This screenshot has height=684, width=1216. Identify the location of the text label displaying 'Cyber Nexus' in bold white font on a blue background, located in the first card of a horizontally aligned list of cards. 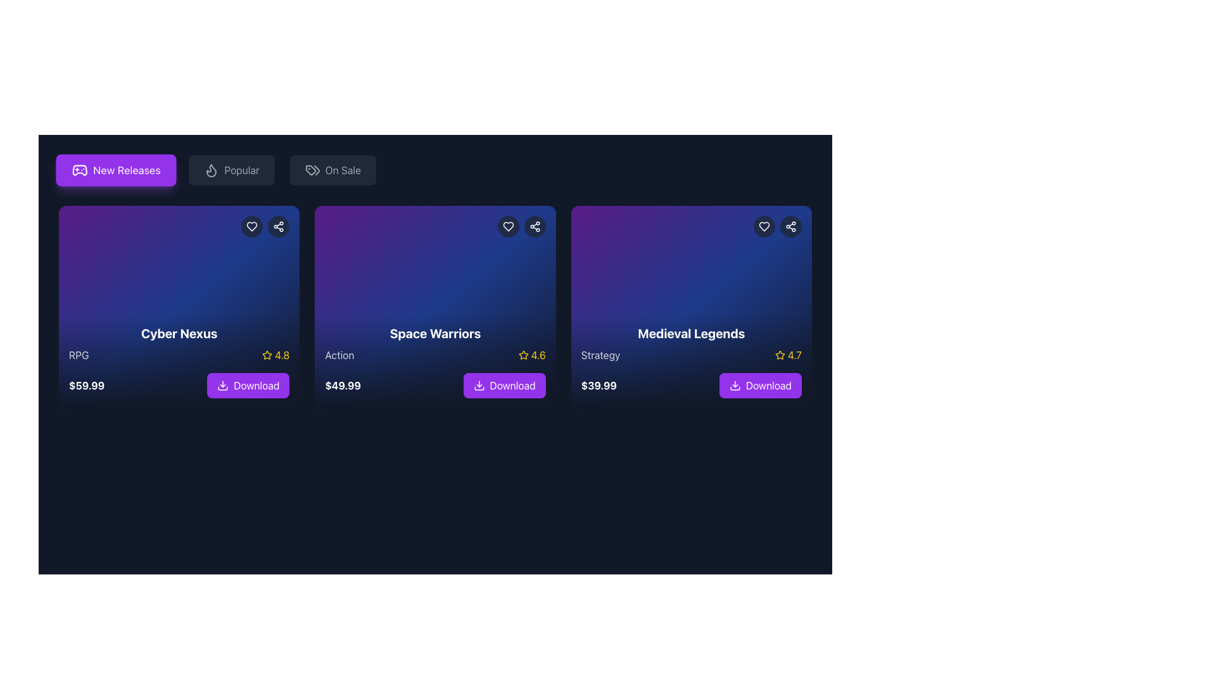
(179, 333).